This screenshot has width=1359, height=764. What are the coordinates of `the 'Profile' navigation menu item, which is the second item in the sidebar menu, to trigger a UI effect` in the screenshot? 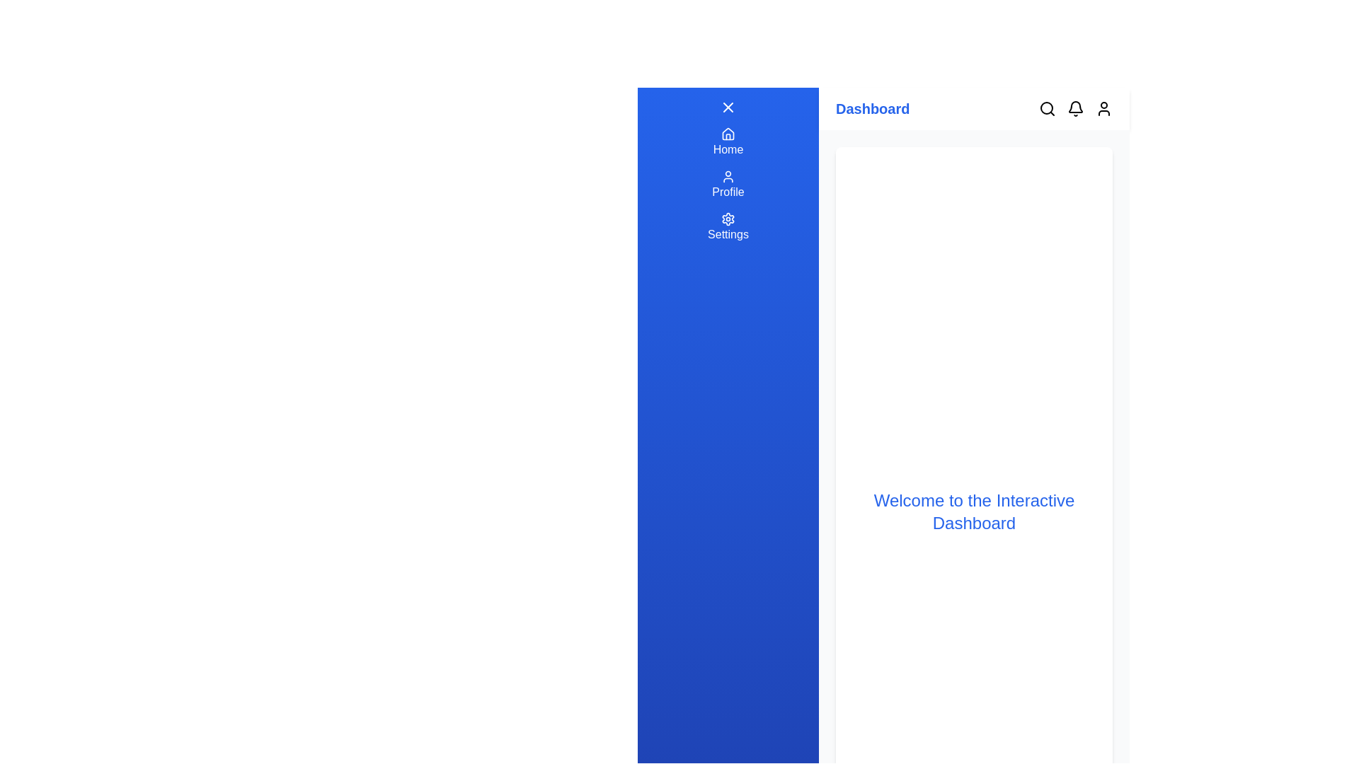 It's located at (728, 185).